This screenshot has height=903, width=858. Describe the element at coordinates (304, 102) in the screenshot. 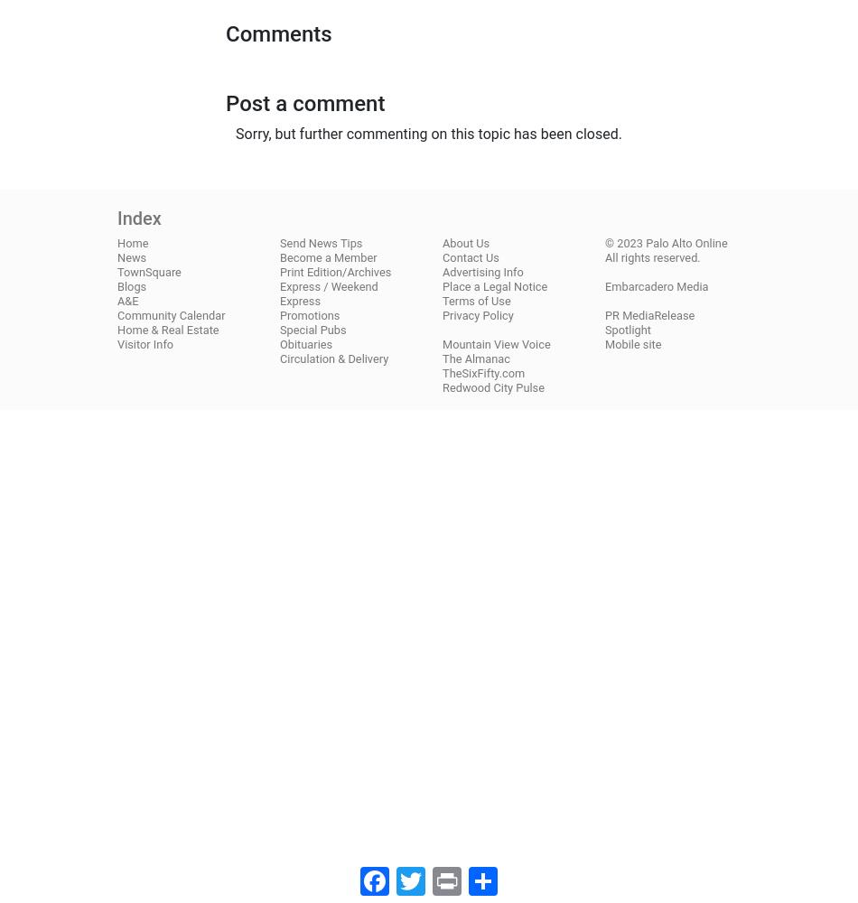

I see `'Post a comment'` at that location.